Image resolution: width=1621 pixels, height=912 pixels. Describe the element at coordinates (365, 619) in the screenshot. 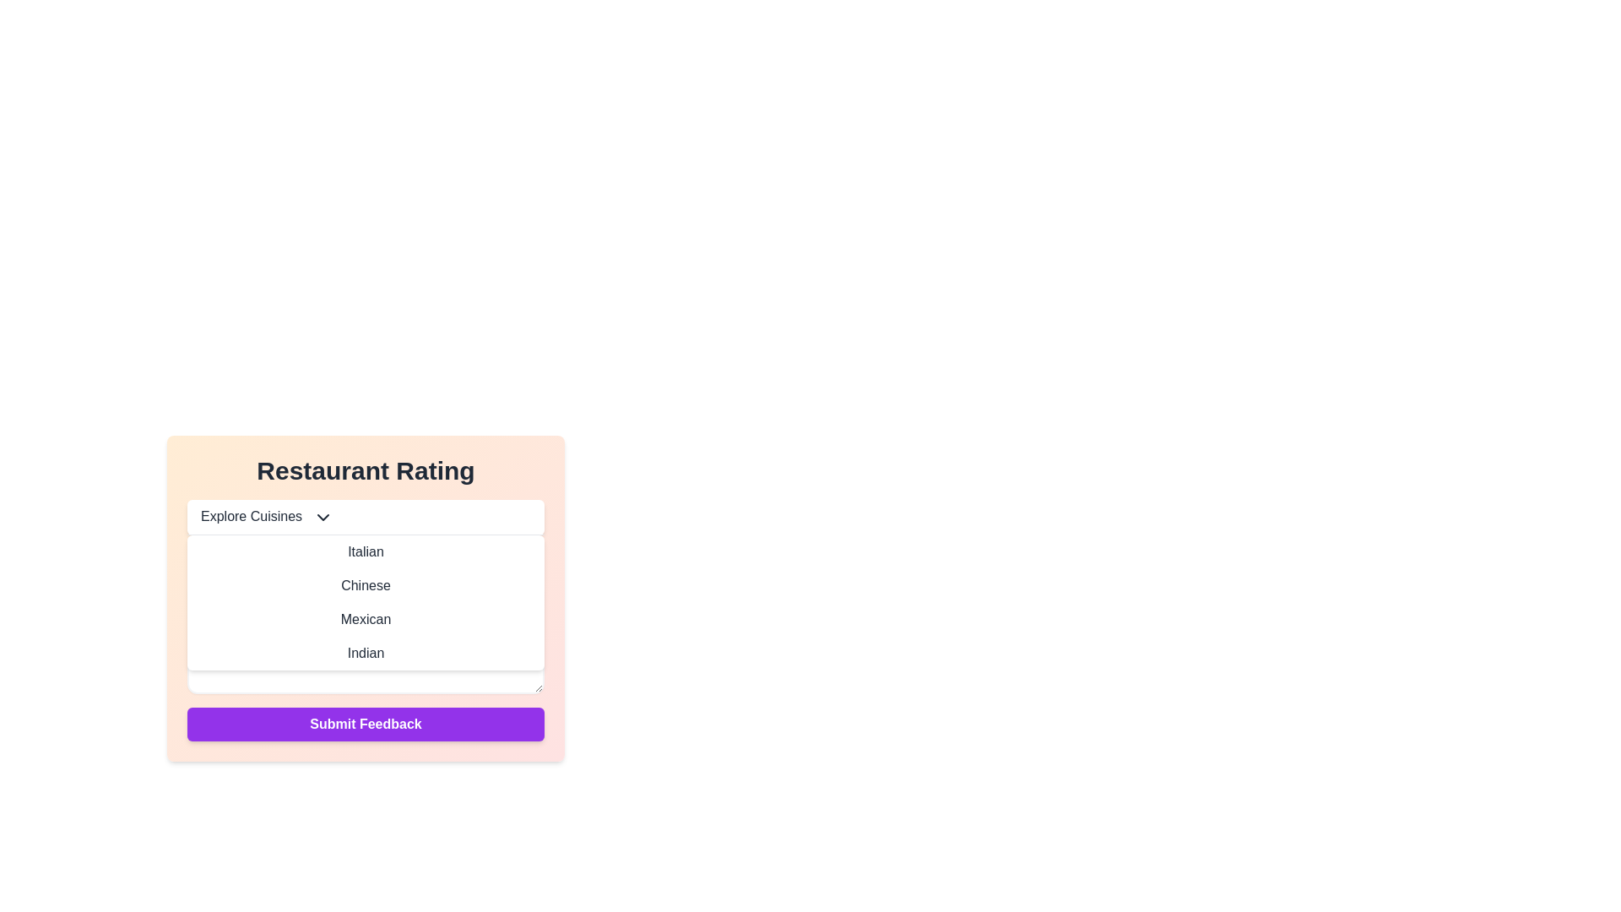

I see `the 'Mexican' option in the dropdown menu, which is displayed in bold, black font as the third option between 'Chinese' and 'Indian'` at that location.